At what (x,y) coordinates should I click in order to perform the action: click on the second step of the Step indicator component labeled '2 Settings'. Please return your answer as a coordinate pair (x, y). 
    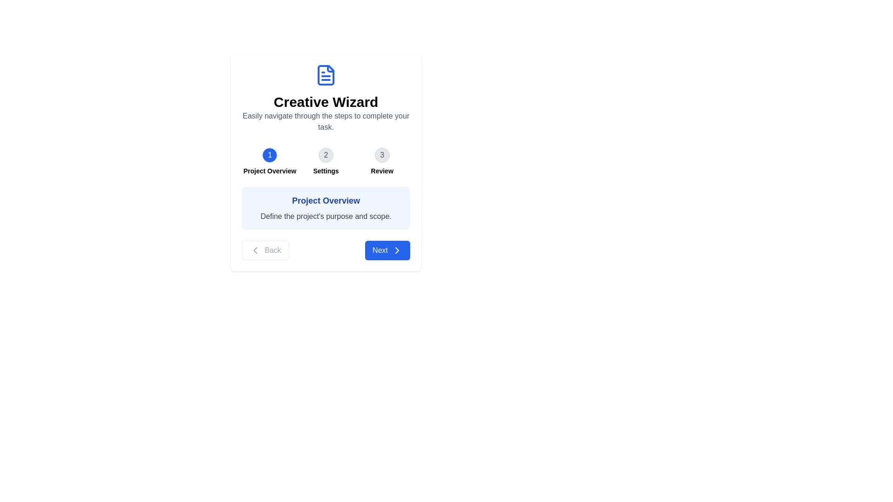
    Looking at the image, I should click on (326, 161).